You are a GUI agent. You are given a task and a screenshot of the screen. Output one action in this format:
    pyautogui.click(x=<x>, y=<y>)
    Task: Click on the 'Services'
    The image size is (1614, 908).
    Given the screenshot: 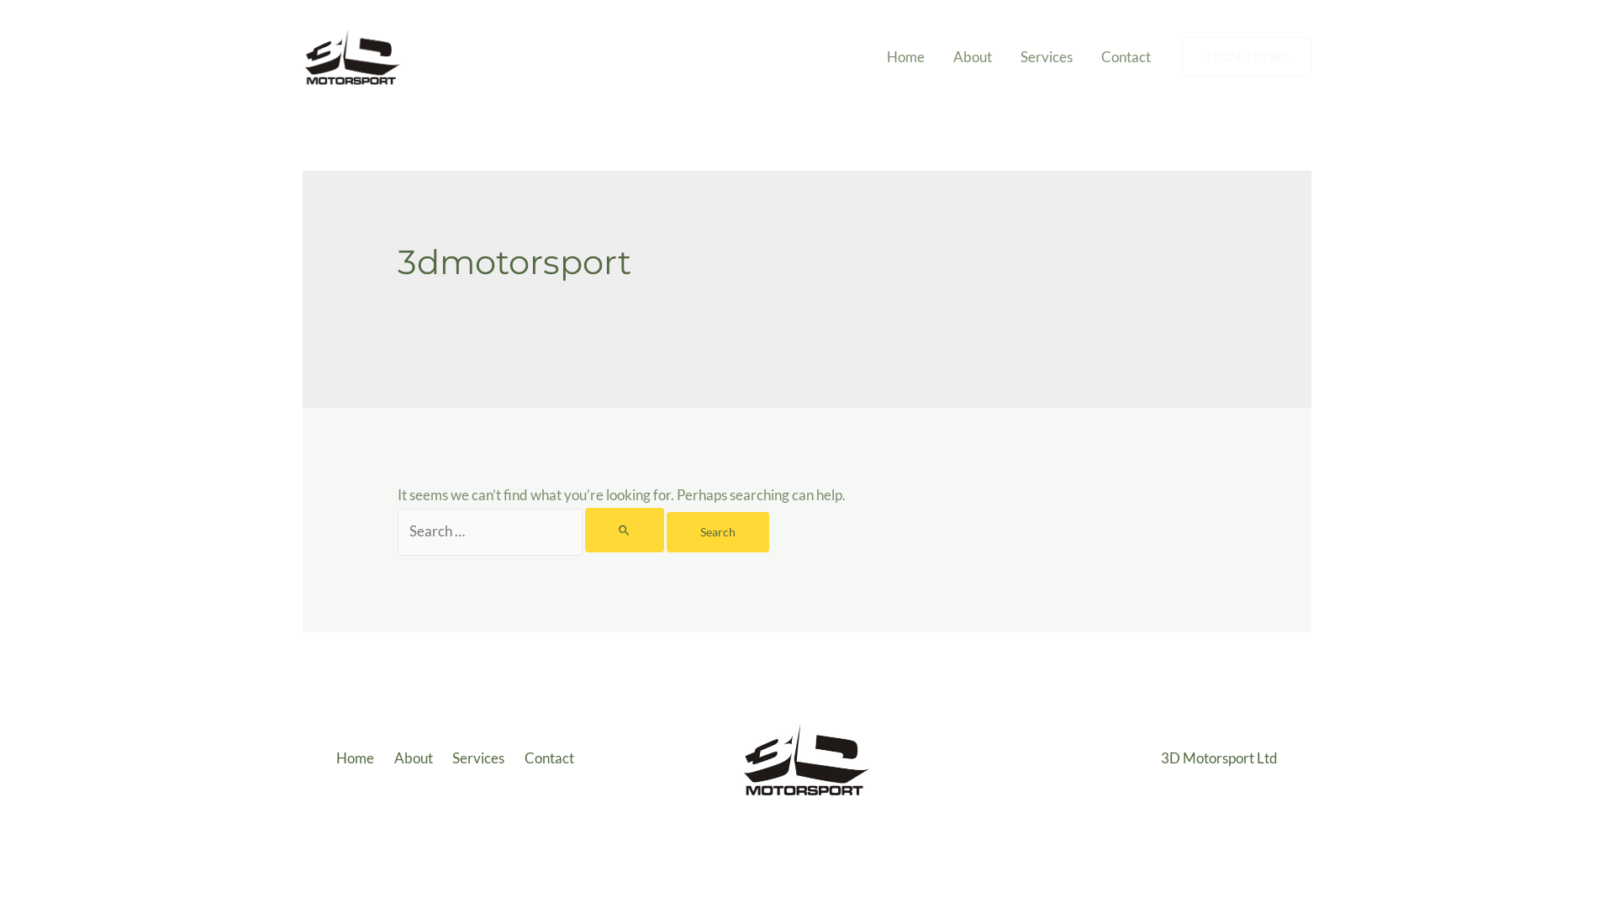 What is the action you would take?
    pyautogui.click(x=1045, y=56)
    